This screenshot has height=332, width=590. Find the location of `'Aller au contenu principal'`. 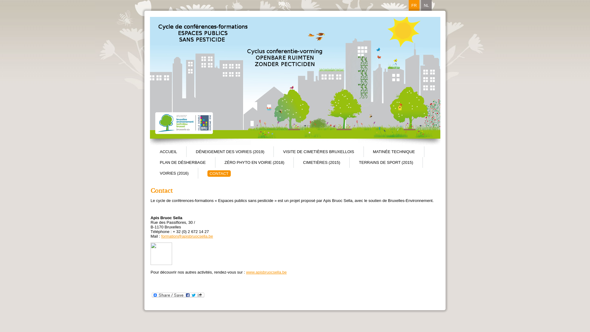

'Aller au contenu principal' is located at coordinates (22, 0).